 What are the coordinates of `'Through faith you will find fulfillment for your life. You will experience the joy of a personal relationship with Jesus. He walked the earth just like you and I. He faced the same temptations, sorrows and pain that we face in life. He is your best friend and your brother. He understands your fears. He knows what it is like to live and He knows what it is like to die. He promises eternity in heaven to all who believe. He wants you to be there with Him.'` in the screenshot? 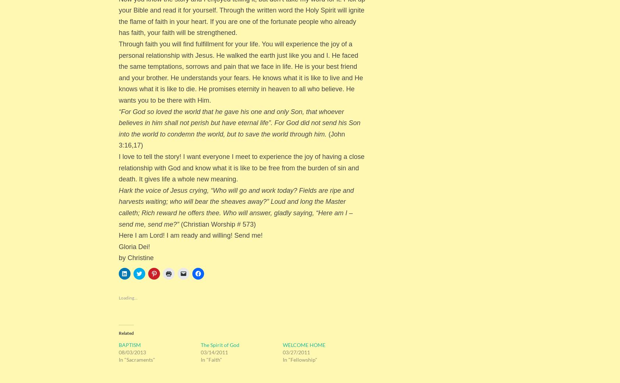 It's located at (240, 72).